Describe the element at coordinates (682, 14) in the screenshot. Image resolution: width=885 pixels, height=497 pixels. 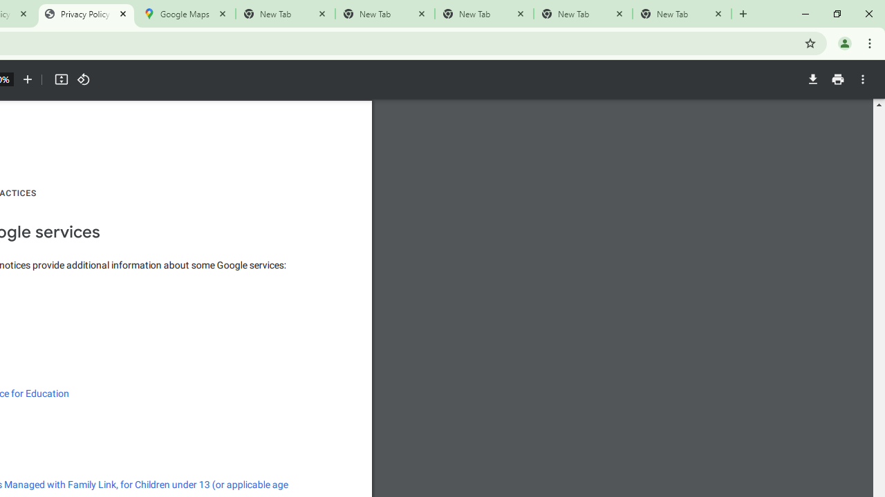
I see `'New Tab'` at that location.